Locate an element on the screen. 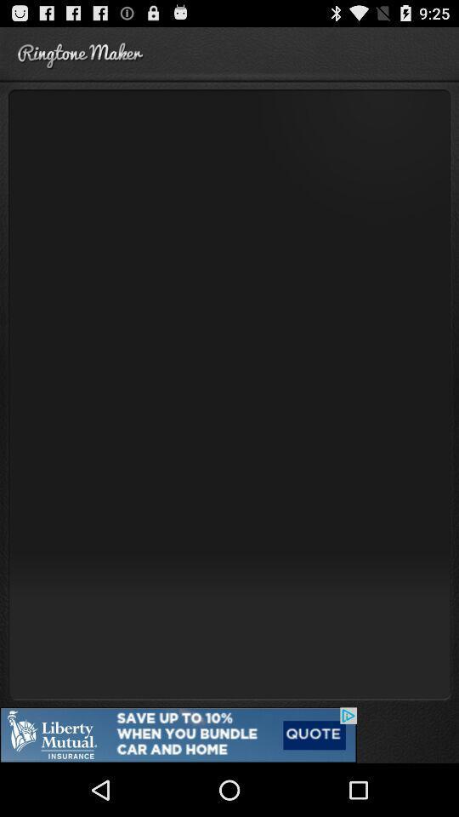 The height and width of the screenshot is (817, 459). new pega is located at coordinates (229, 393).